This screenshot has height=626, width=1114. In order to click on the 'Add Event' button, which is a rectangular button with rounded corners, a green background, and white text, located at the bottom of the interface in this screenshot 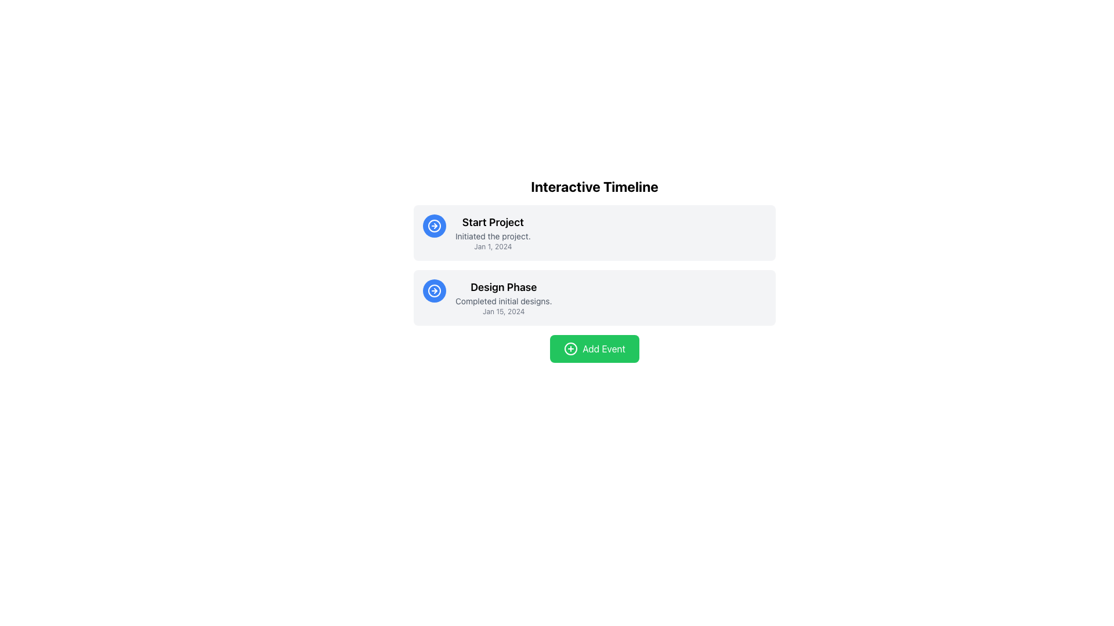, I will do `click(595, 348)`.